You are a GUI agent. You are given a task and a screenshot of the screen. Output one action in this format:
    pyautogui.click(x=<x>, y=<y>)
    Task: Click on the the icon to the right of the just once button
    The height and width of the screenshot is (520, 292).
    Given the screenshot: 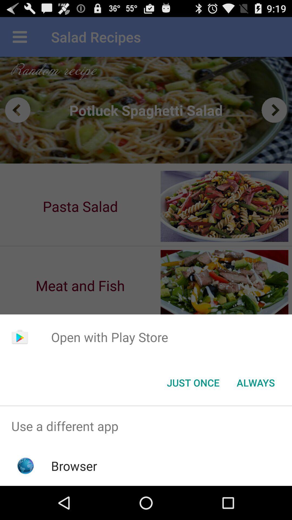 What is the action you would take?
    pyautogui.click(x=255, y=382)
    